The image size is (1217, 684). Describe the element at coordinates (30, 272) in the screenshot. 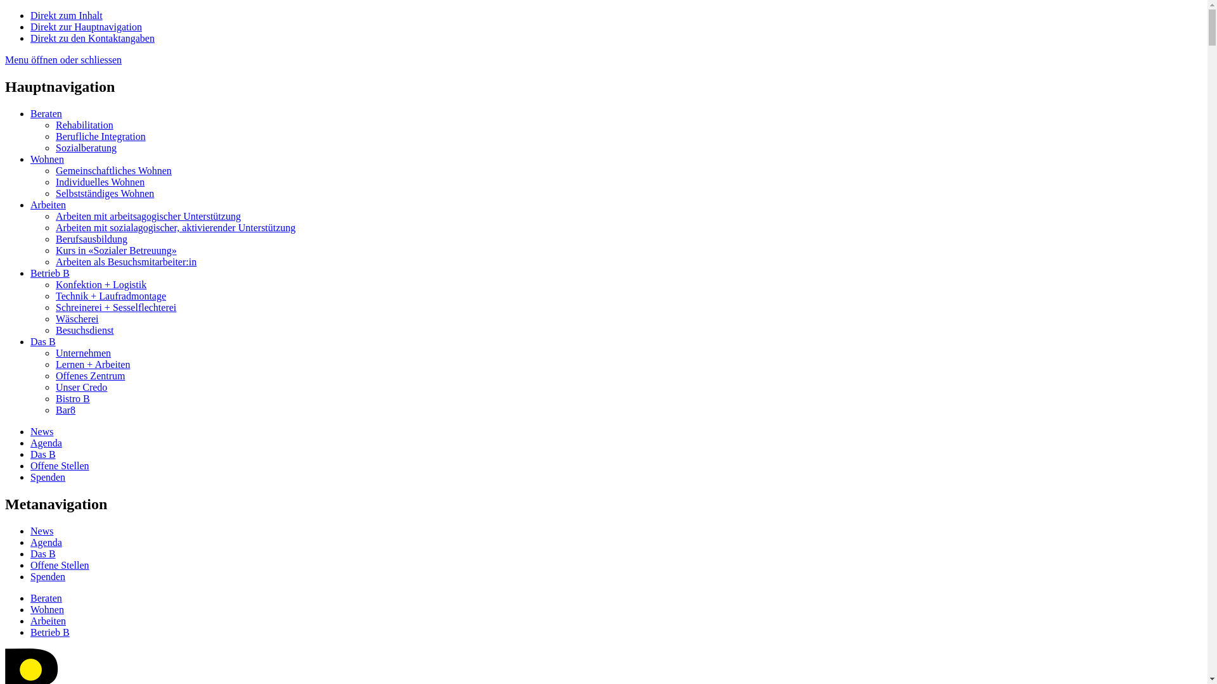

I see `'Betrieb B'` at that location.